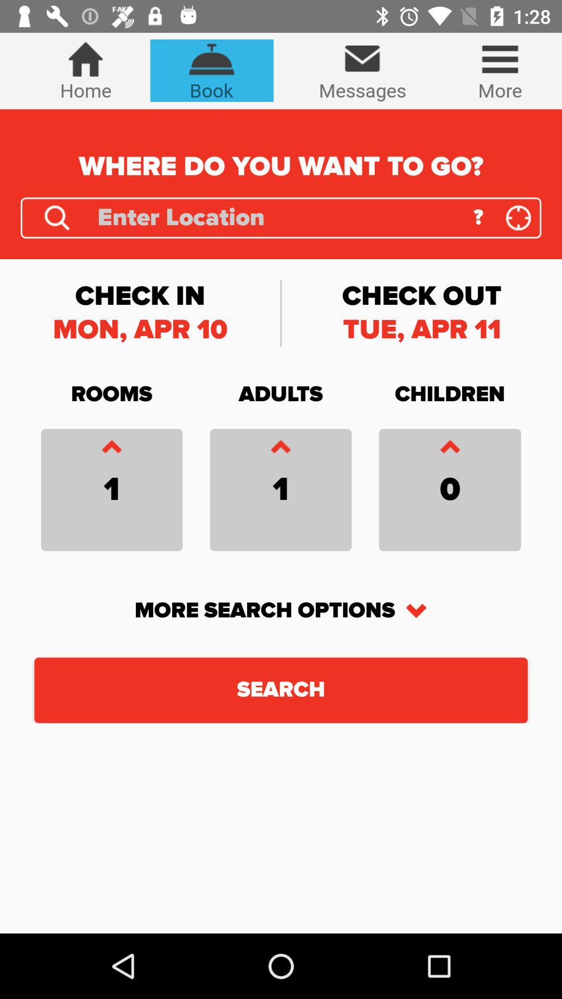 The height and width of the screenshot is (999, 562). What do you see at coordinates (478, 217) in the screenshot?
I see `icon above the check out icon` at bounding box center [478, 217].